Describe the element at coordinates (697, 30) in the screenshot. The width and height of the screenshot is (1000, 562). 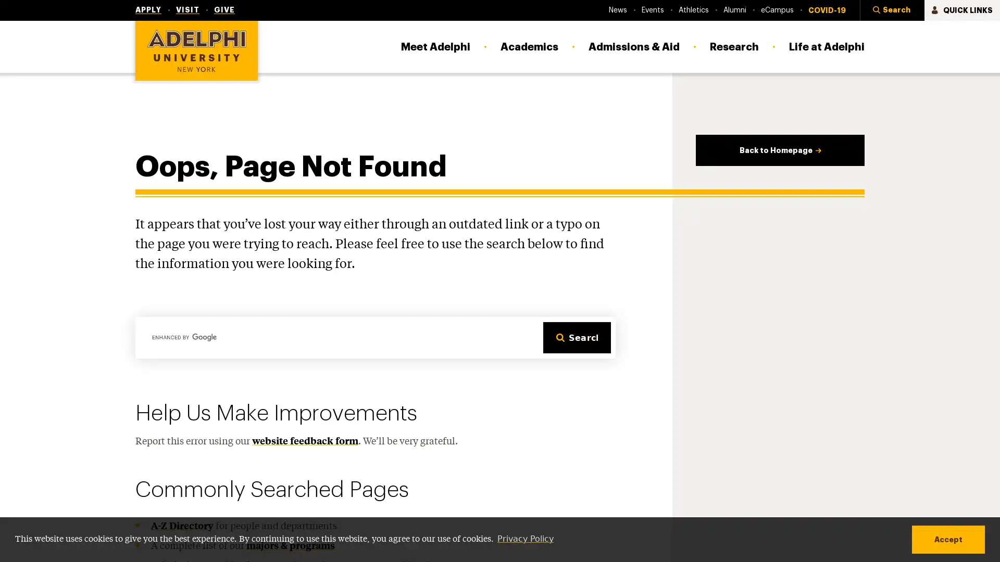
I see `COVID-19 Information` at that location.